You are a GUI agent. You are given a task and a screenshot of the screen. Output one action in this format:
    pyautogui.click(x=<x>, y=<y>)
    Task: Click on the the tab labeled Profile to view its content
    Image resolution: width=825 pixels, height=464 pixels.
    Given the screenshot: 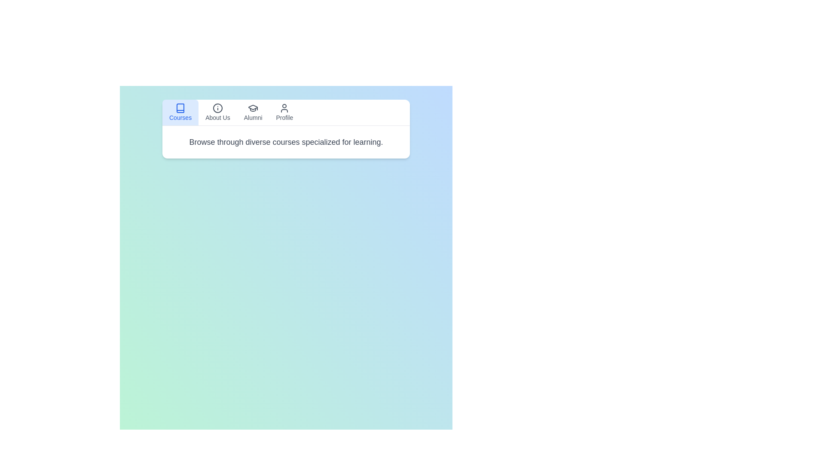 What is the action you would take?
    pyautogui.click(x=284, y=112)
    